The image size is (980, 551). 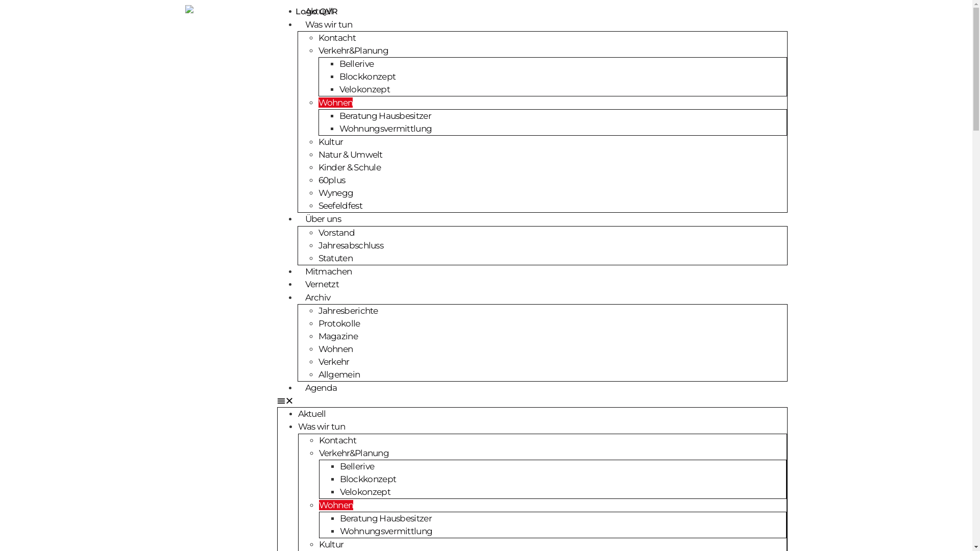 I want to click on 'Natur & Umwelt', so click(x=350, y=155).